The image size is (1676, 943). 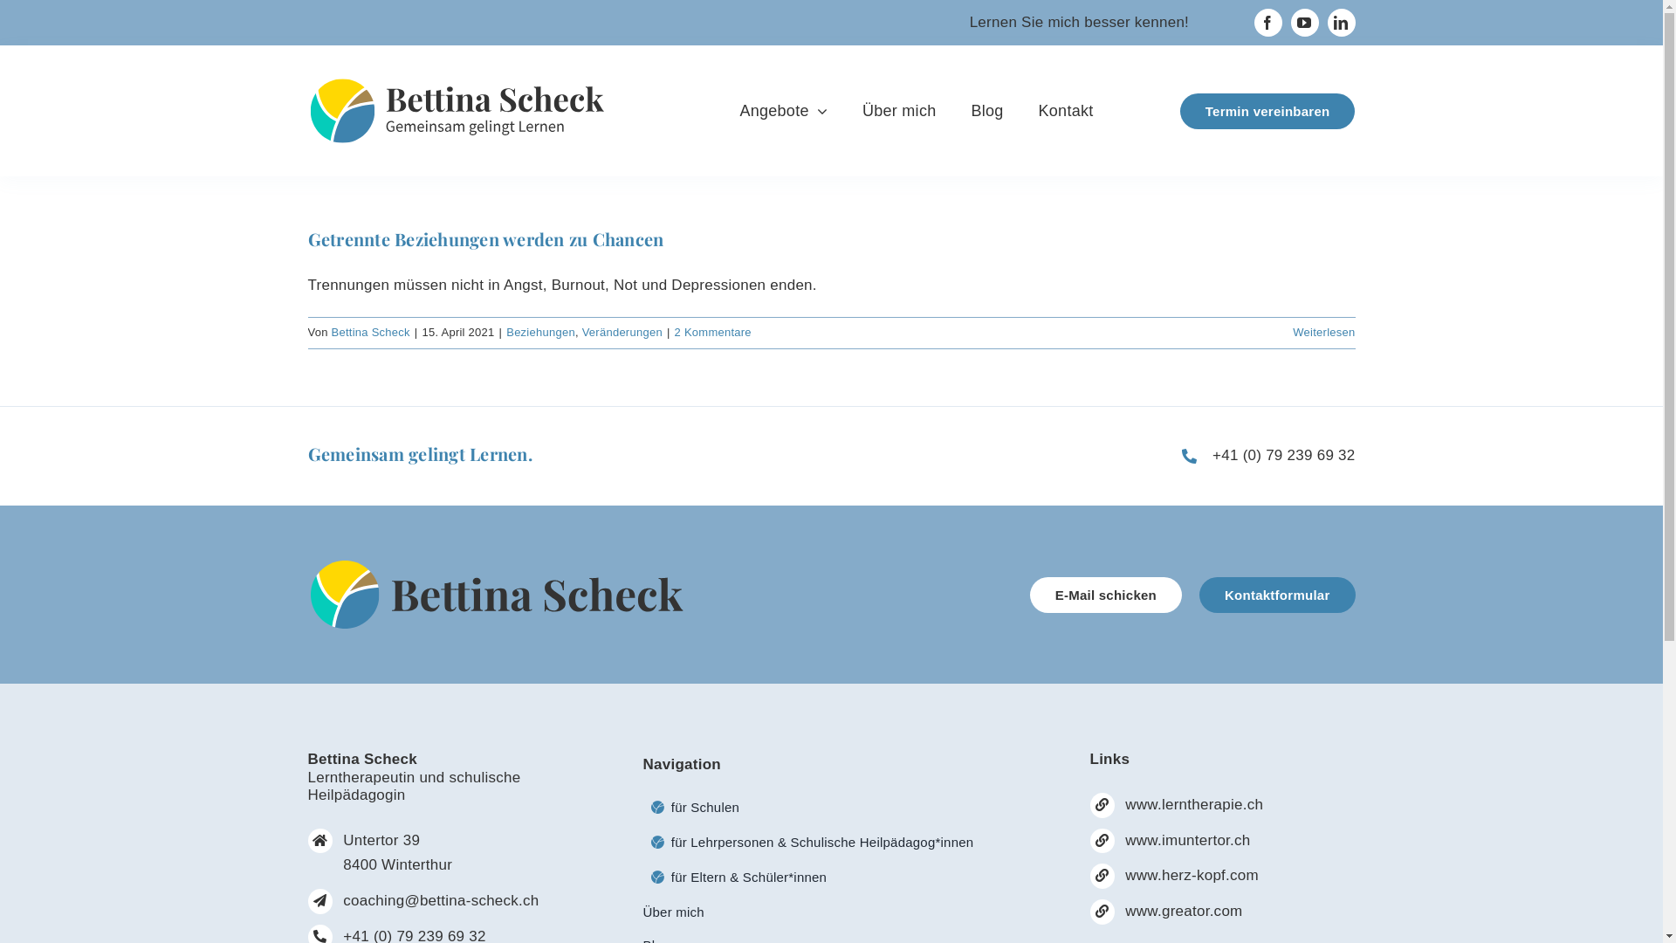 What do you see at coordinates (782, 111) in the screenshot?
I see `'Angebote'` at bounding box center [782, 111].